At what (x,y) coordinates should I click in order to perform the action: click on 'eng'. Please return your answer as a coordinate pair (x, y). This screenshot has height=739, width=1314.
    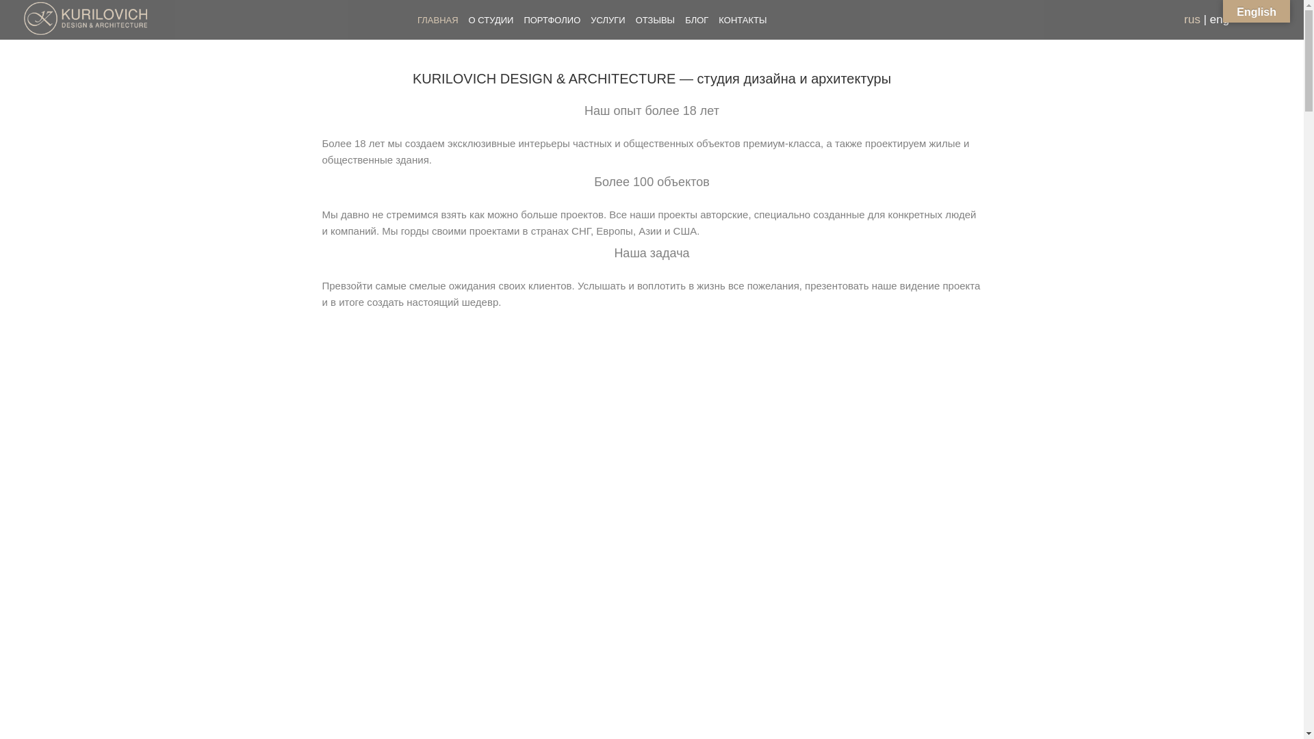
    Looking at the image, I should click on (1219, 19).